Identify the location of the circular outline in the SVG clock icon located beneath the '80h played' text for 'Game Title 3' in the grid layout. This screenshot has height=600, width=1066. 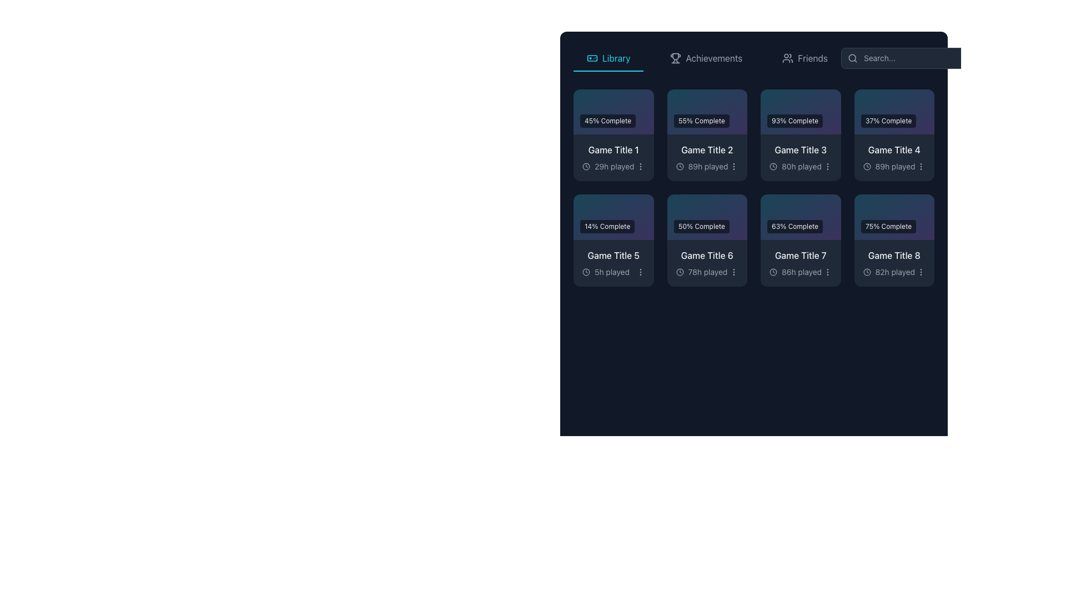
(772, 167).